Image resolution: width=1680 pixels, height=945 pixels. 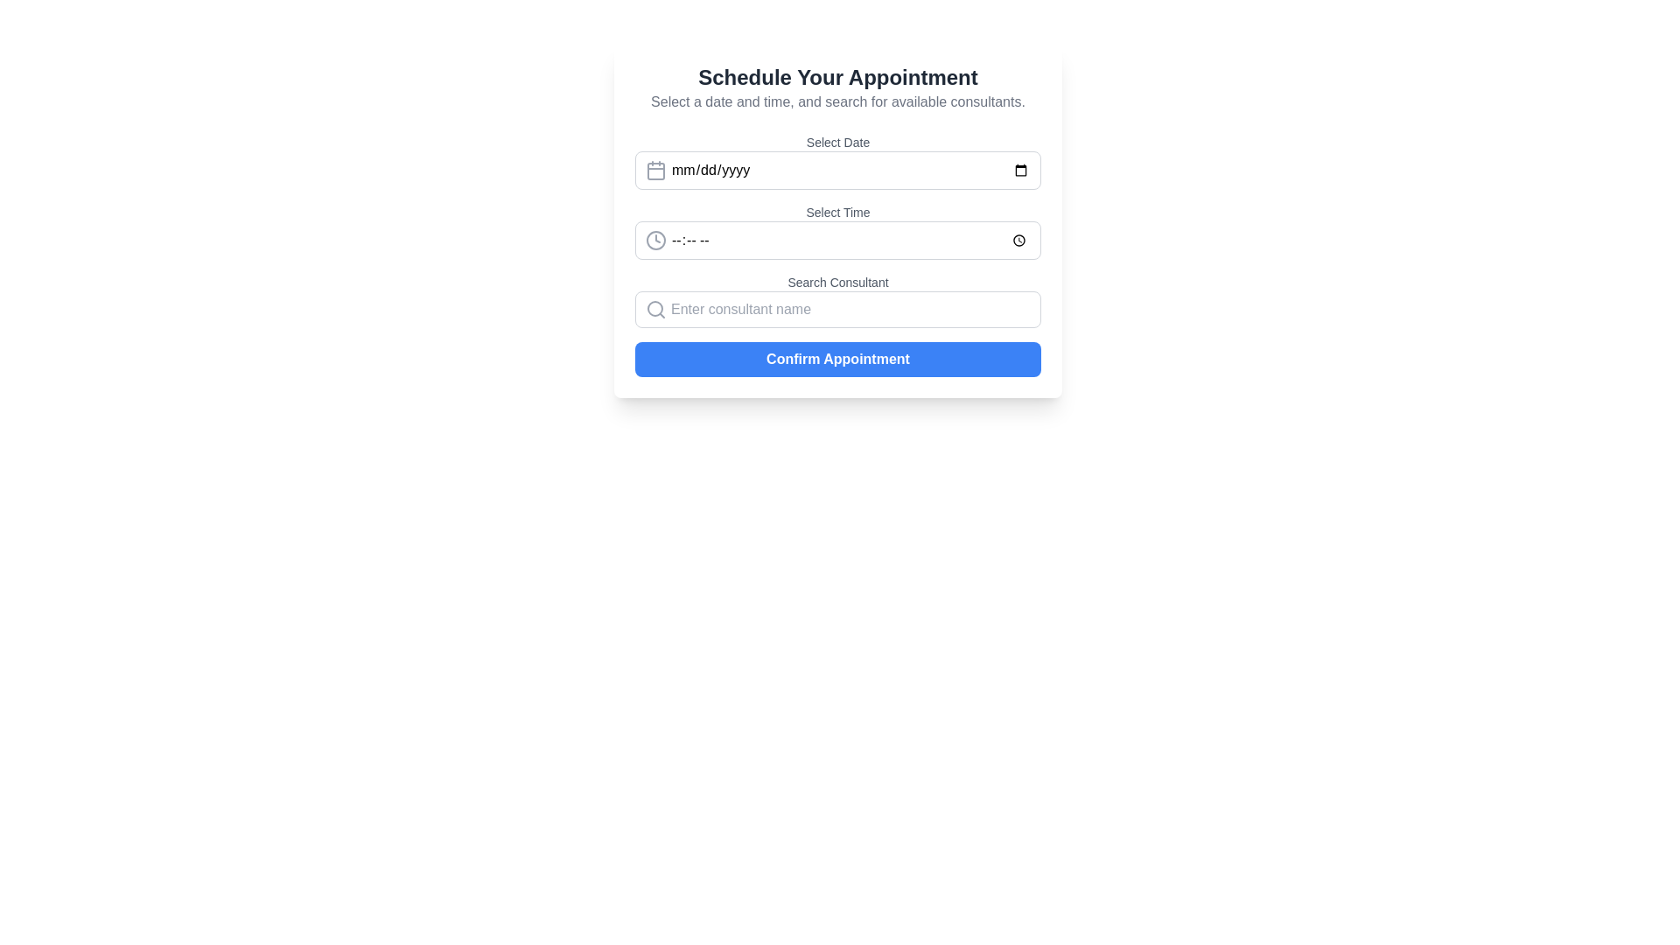 I want to click on the instructional text label that guides users on selecting a date and time for their appointment, located below the heading 'Schedule Your Appointment', so click(x=837, y=101).